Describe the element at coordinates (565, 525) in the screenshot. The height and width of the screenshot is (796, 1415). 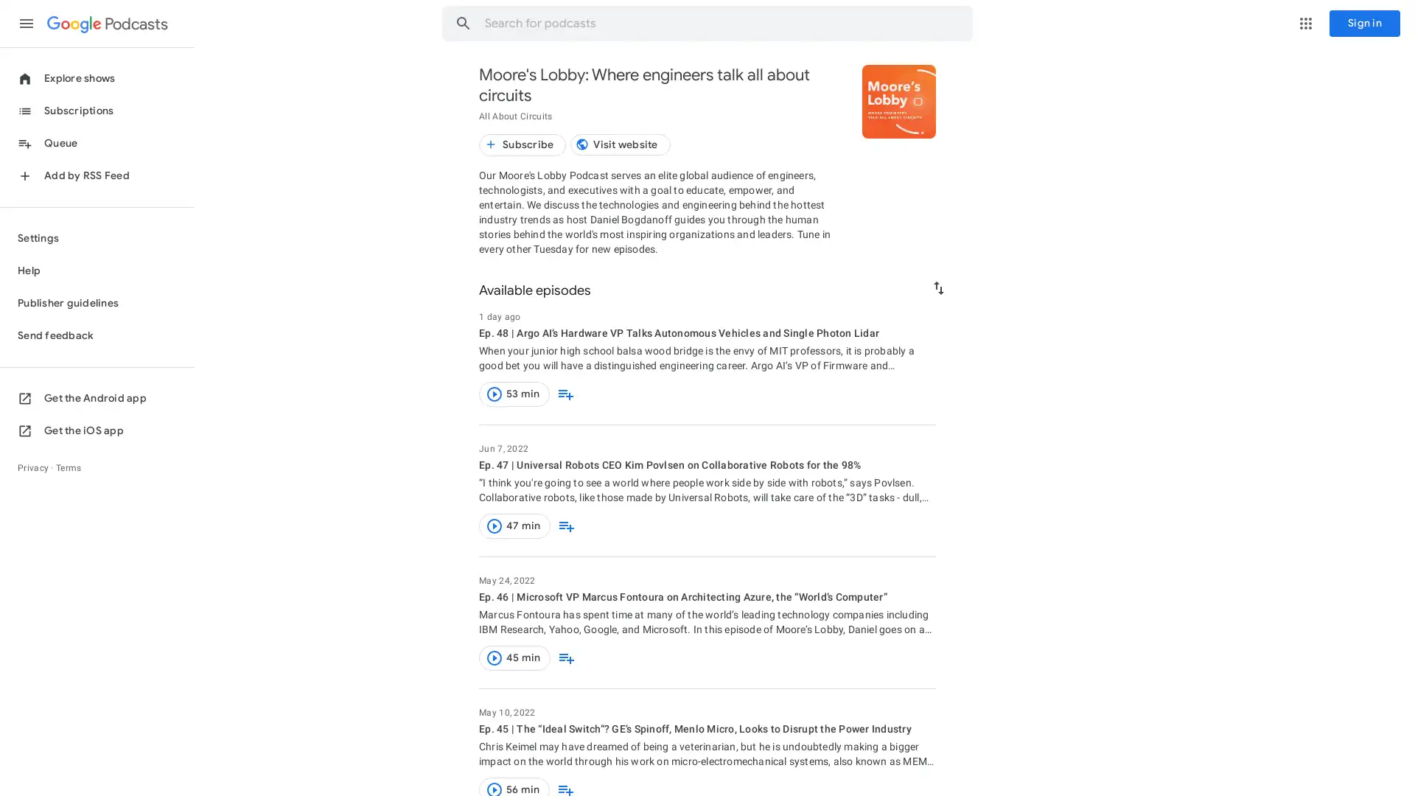
I see `Add to queue` at that location.